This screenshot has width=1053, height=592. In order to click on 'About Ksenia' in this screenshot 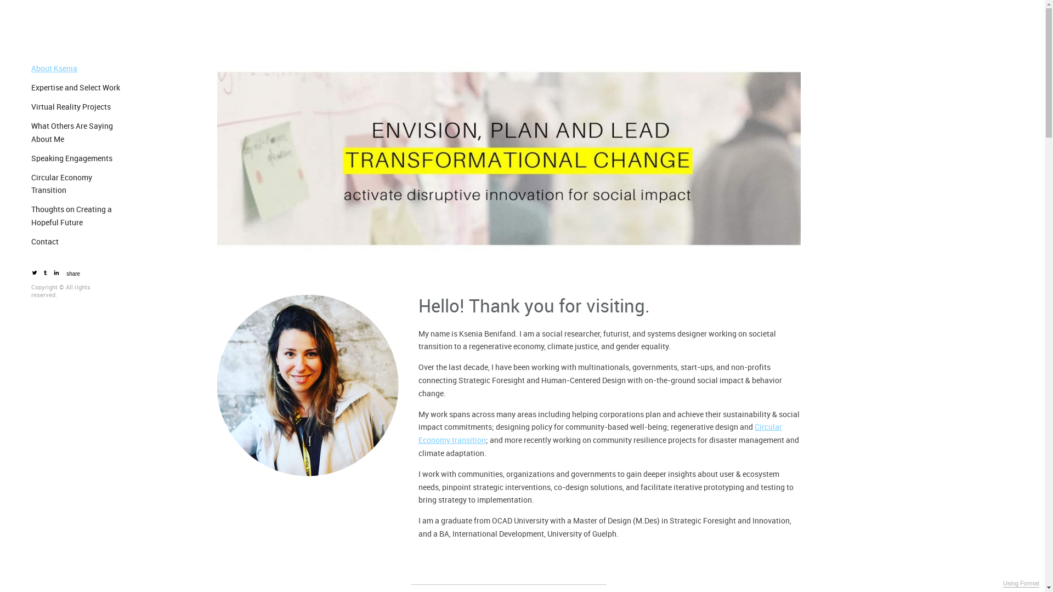, I will do `click(55, 69)`.